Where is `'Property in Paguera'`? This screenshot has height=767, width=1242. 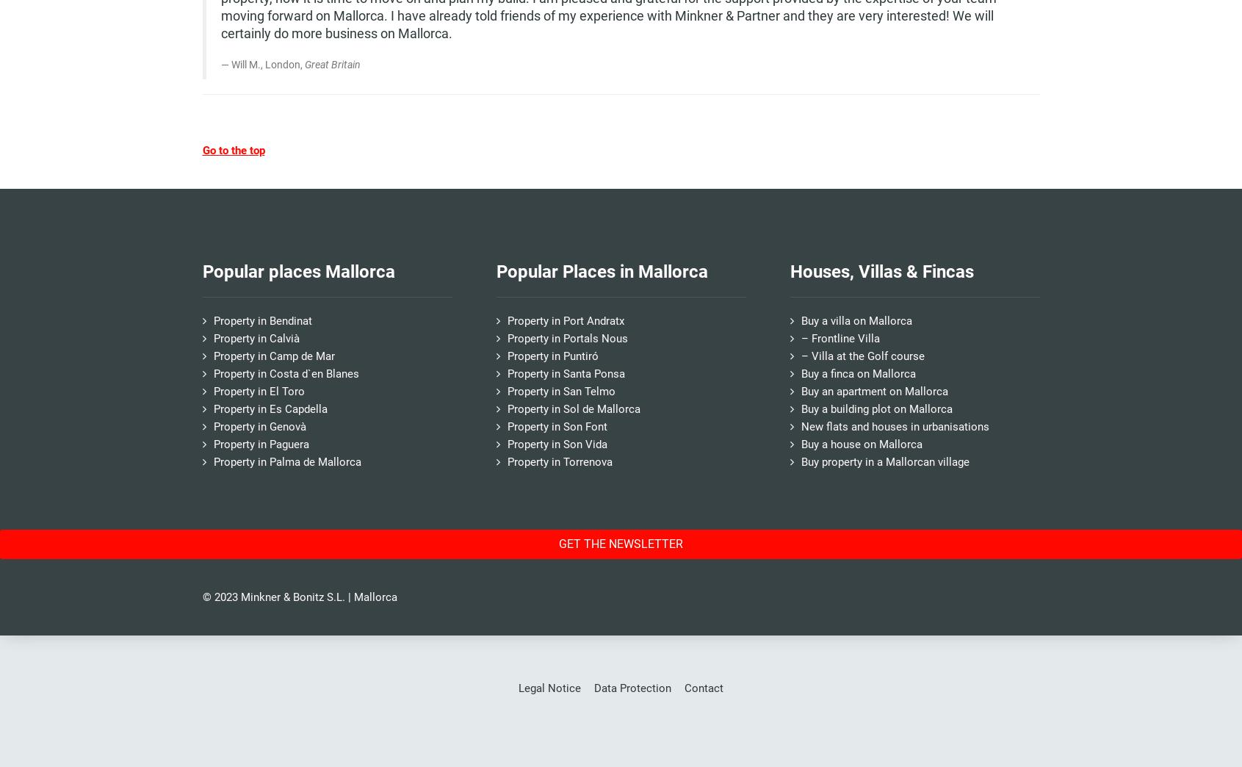
'Property in Paguera' is located at coordinates (213, 443).